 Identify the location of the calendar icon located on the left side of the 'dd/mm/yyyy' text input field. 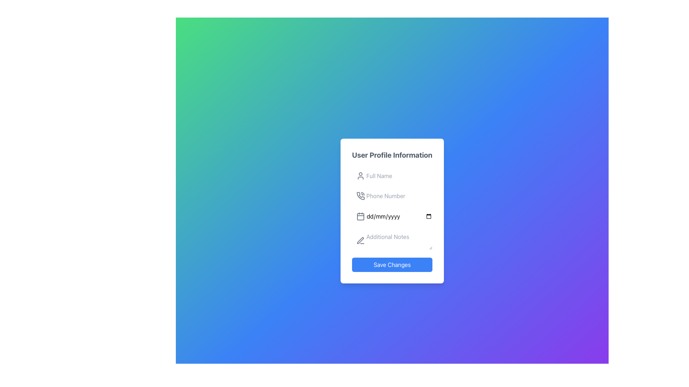
(360, 216).